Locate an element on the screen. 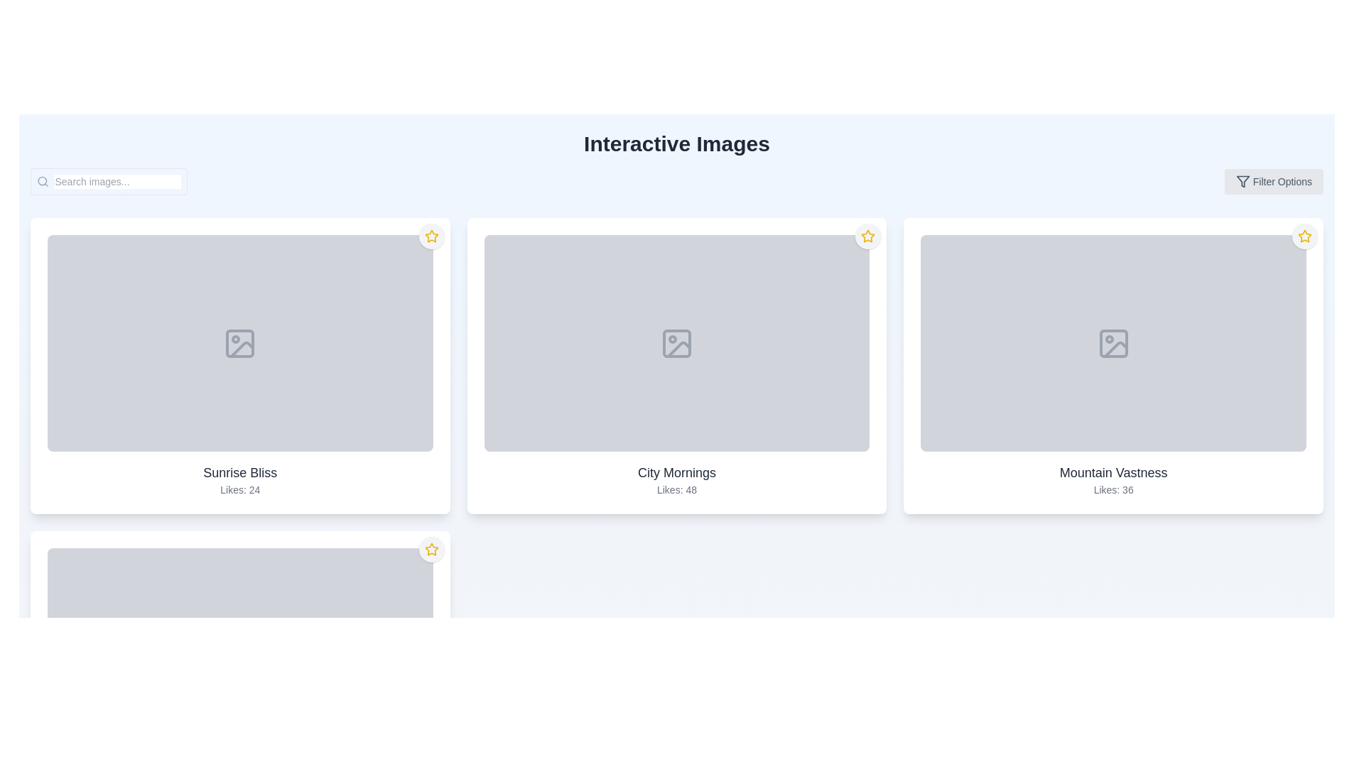  the triangular funnel icon associated with 'Filter Options' in the top-right section of the interface is located at coordinates (1242, 180).